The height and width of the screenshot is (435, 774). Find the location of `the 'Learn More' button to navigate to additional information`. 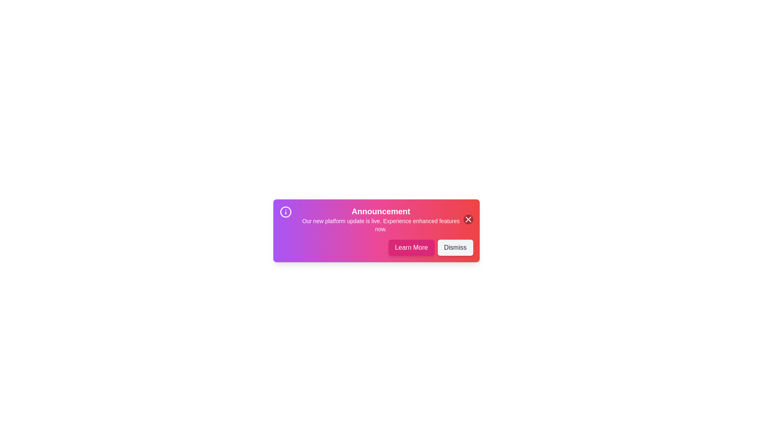

the 'Learn More' button to navigate to additional information is located at coordinates (411, 247).